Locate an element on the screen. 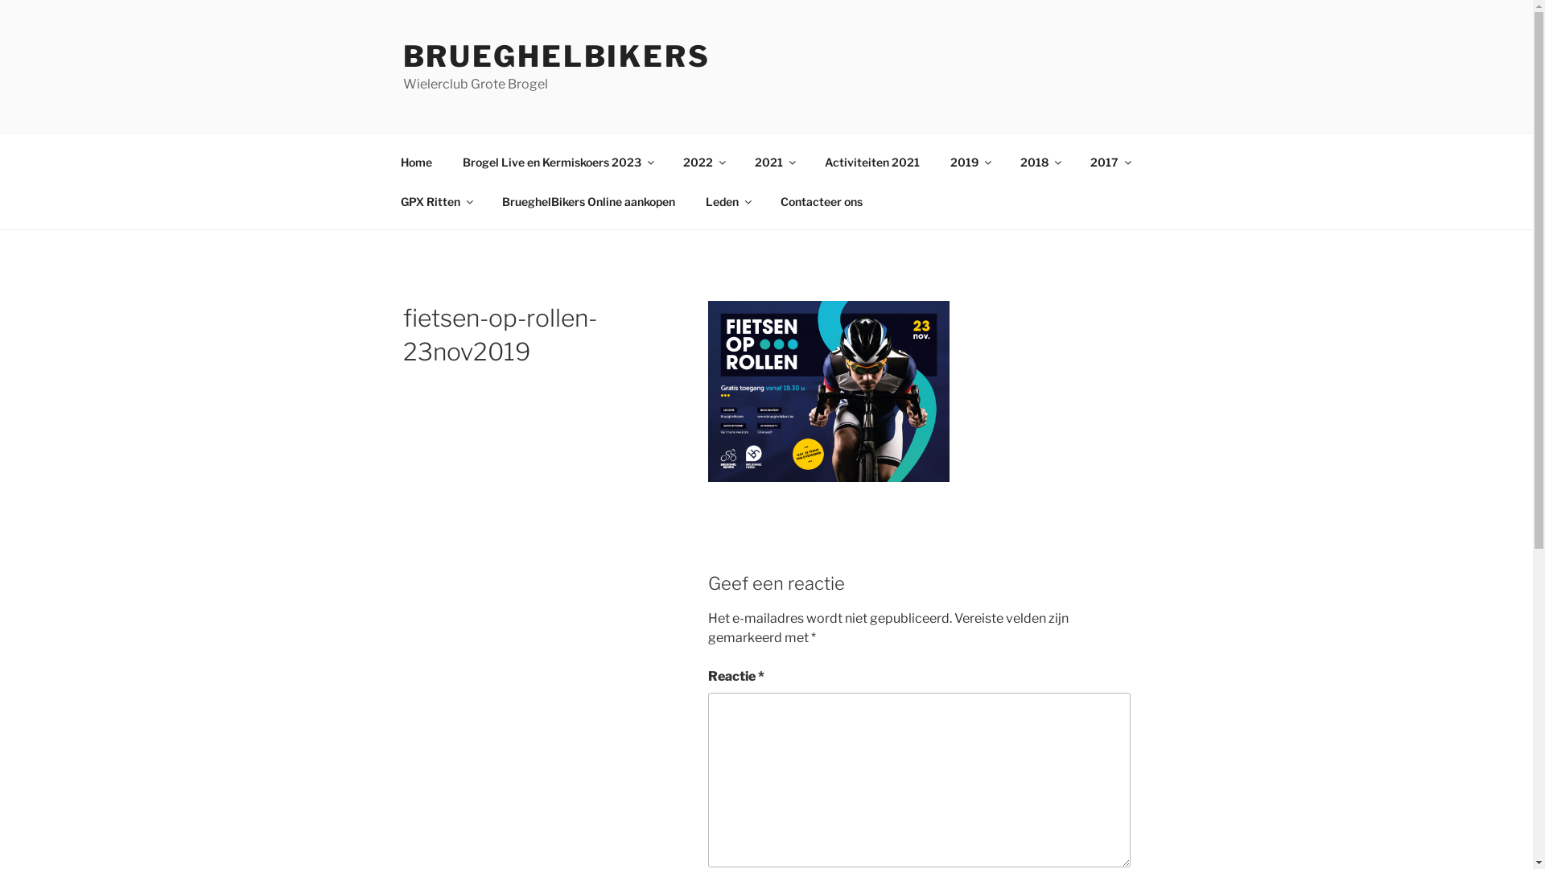 This screenshot has height=869, width=1545. 'Home' is located at coordinates (416, 161).